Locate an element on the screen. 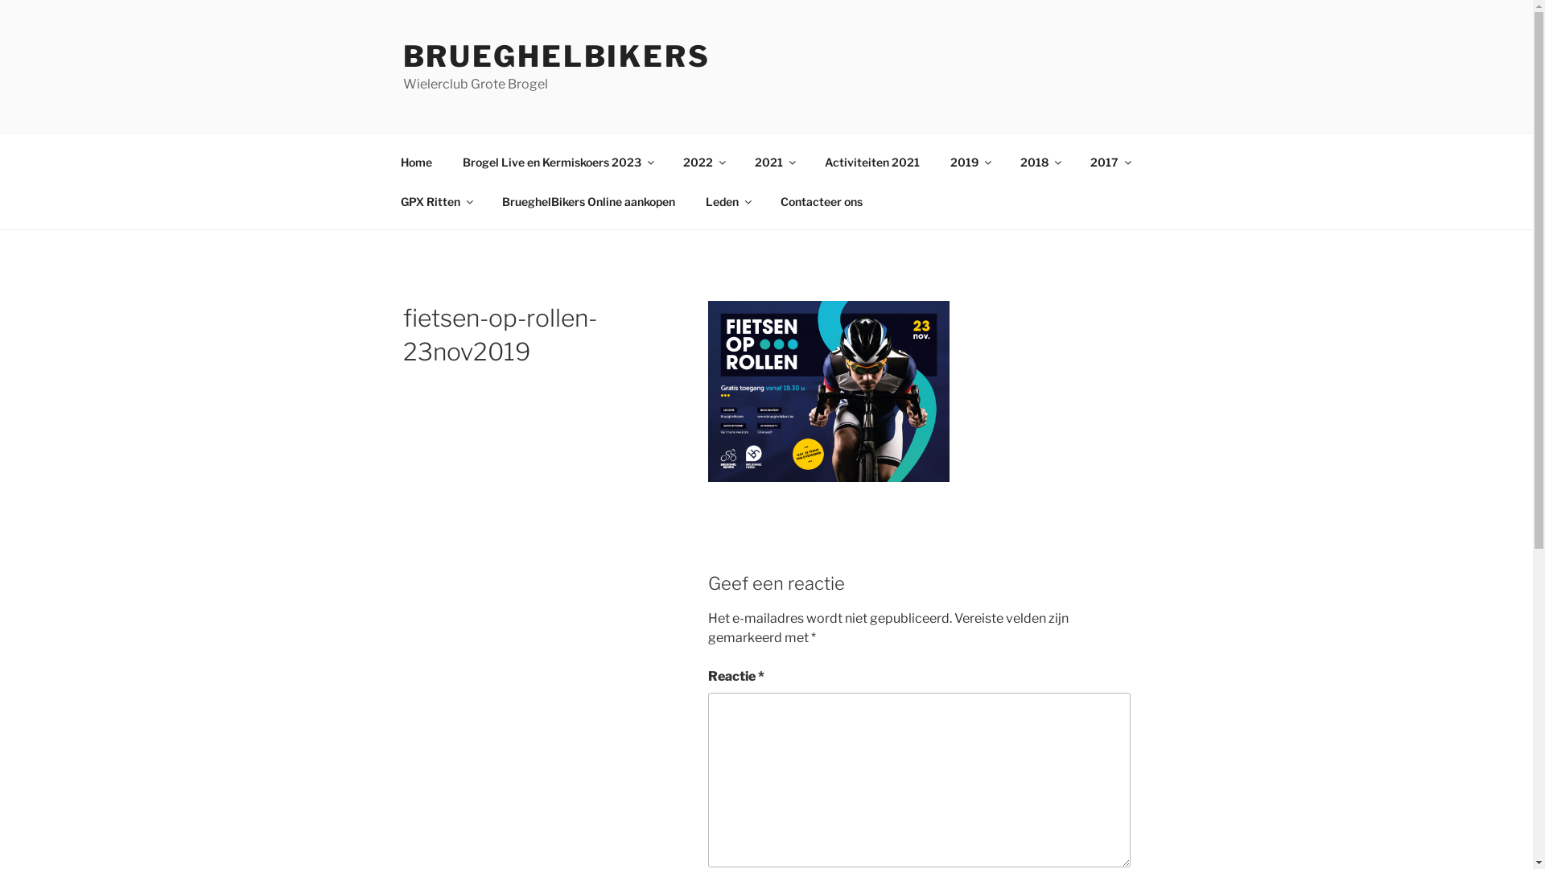 This screenshot has height=869, width=1545. 'Home' is located at coordinates (416, 161).